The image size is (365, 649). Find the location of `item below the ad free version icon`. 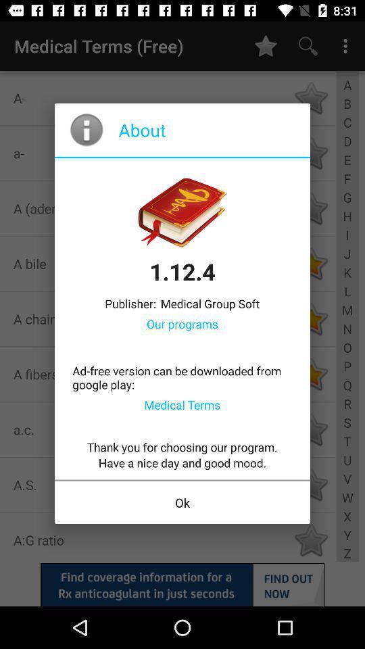

item below the ad free version icon is located at coordinates (182, 404).